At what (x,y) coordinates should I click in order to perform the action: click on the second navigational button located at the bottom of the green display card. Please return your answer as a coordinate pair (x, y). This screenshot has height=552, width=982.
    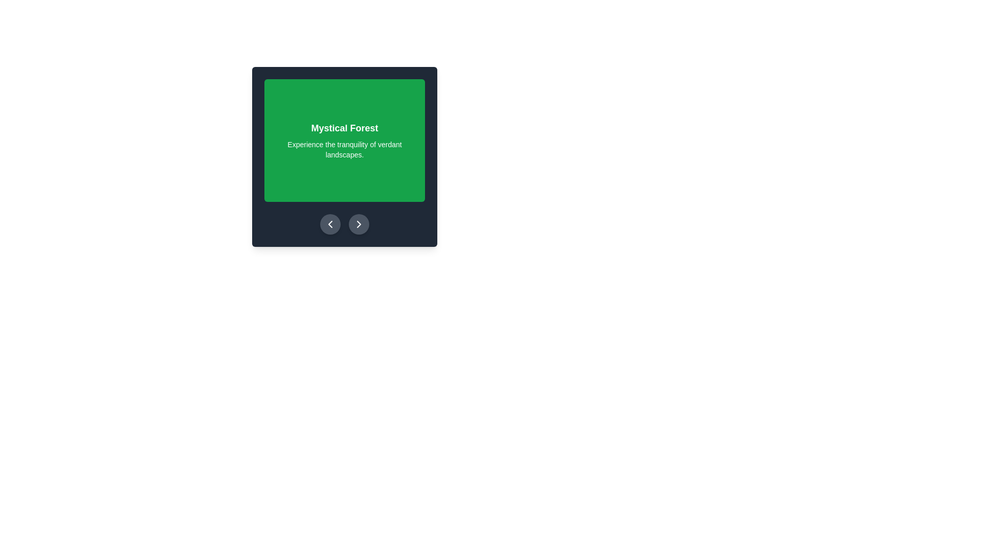
    Looking at the image, I should click on (359, 224).